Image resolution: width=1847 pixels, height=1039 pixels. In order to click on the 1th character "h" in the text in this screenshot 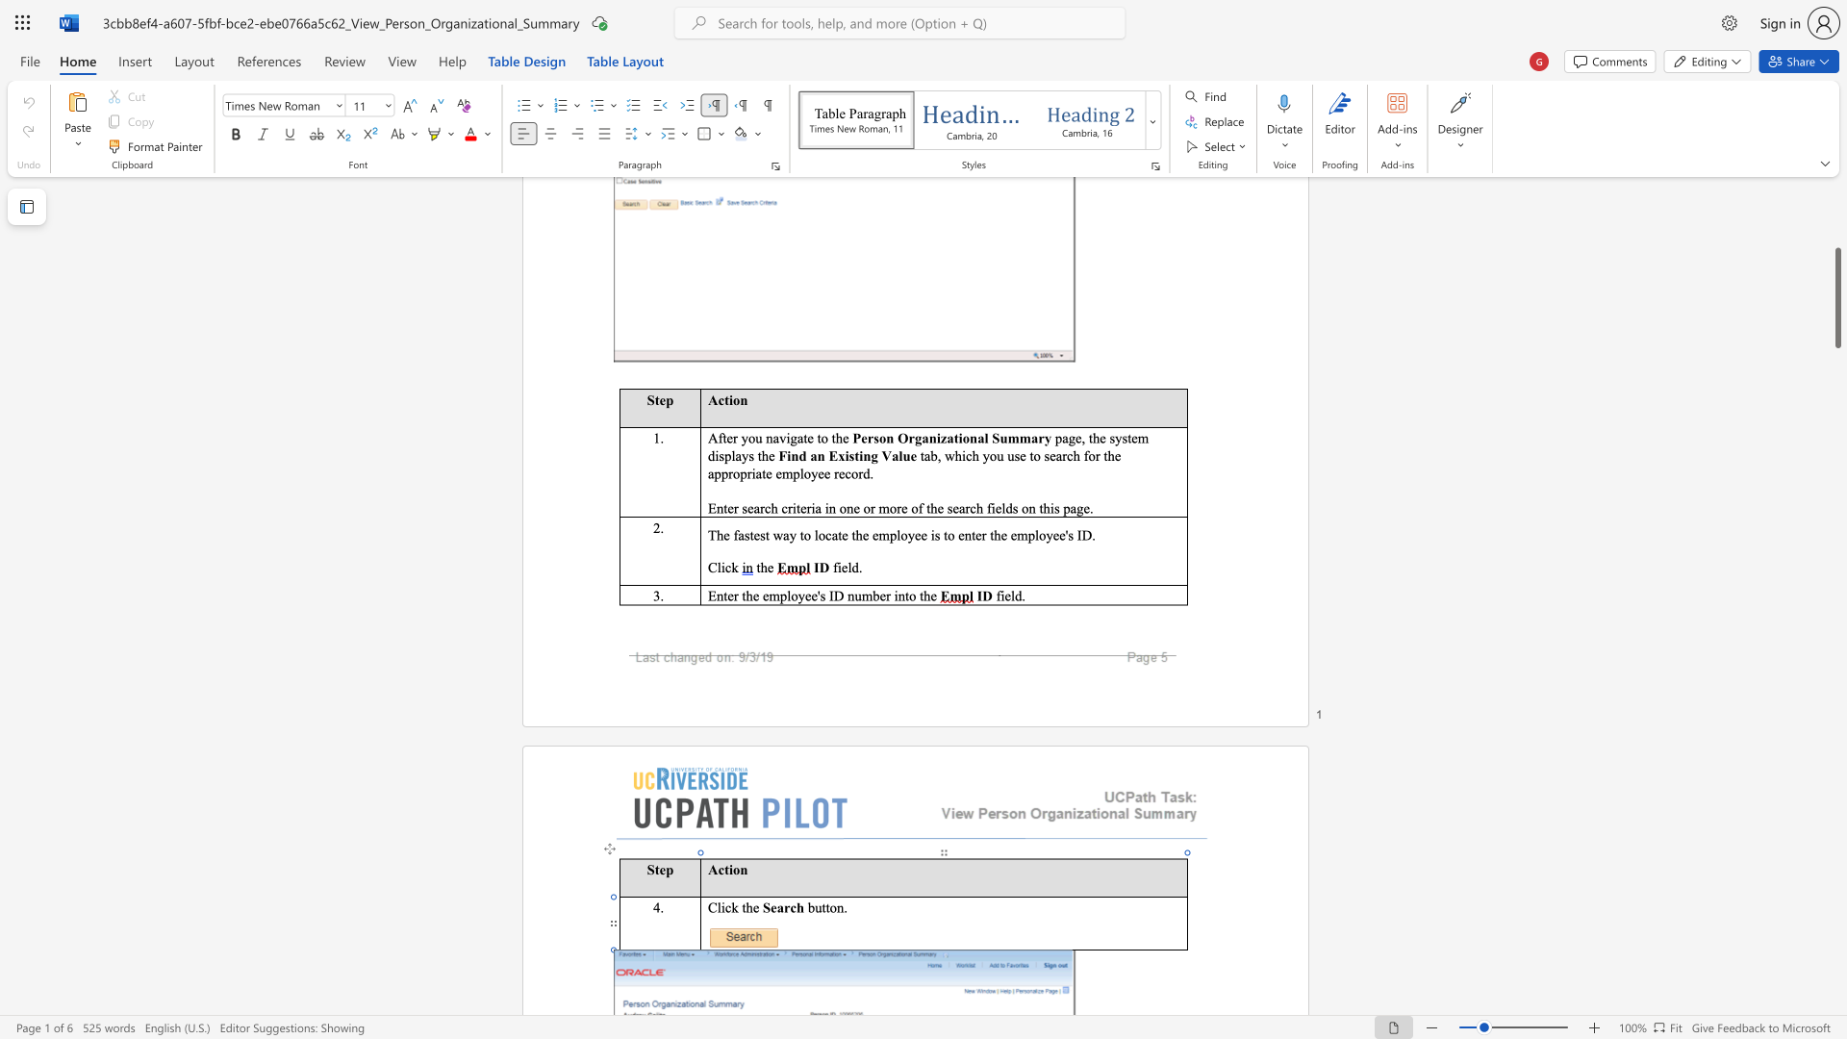, I will do `click(748, 907)`.